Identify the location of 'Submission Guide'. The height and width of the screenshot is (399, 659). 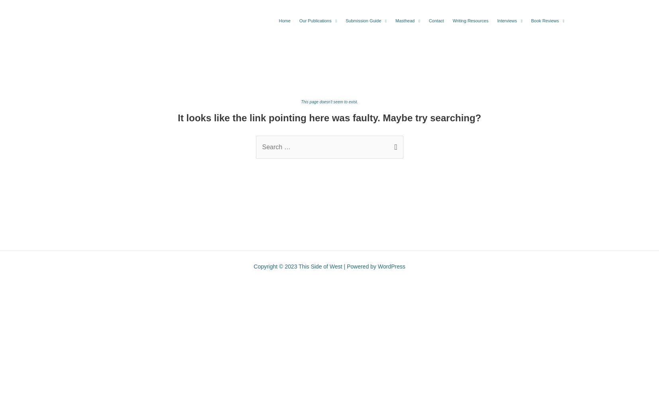
(363, 21).